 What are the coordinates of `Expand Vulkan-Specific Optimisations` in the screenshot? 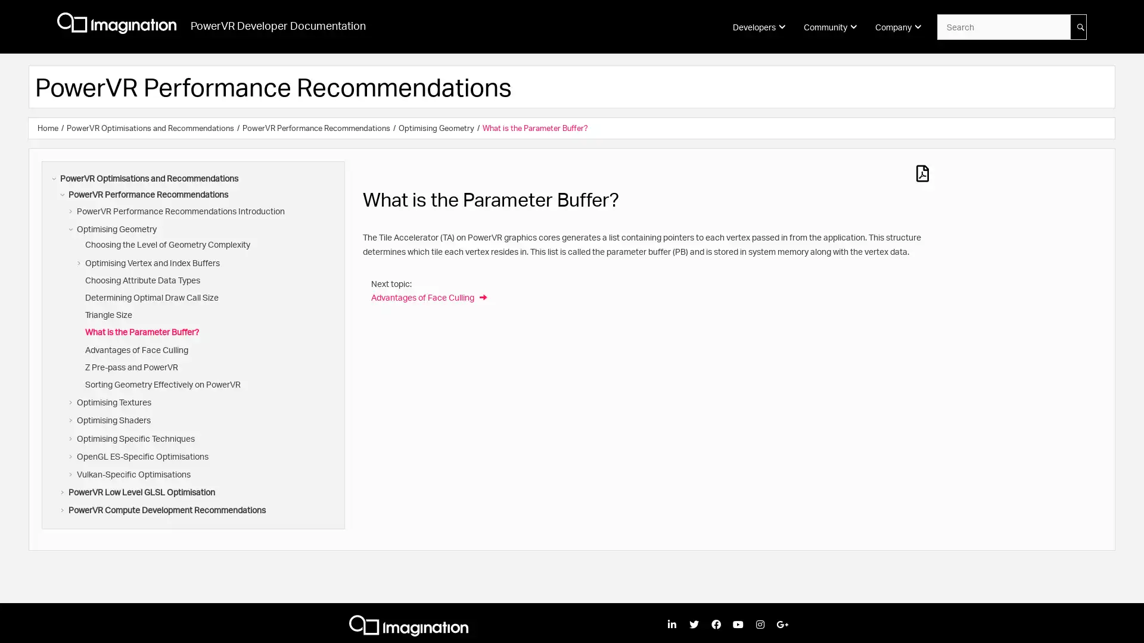 It's located at (71, 473).